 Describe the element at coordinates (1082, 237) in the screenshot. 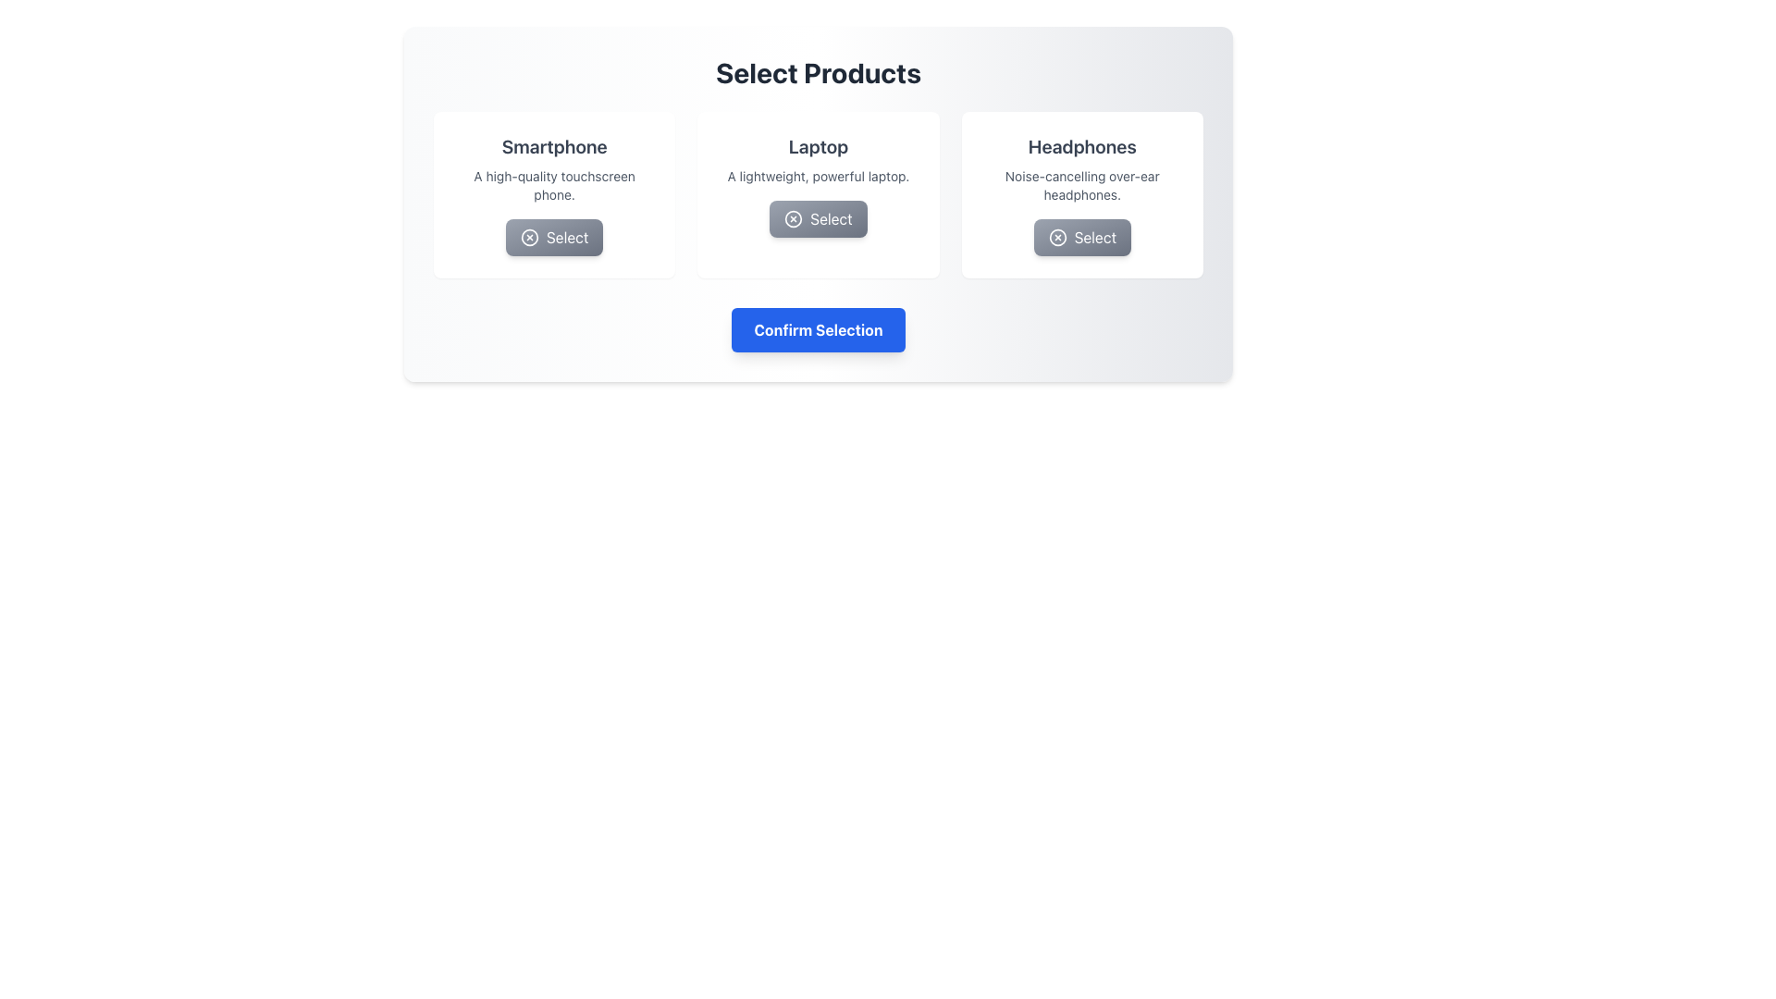

I see `the 'Headphones' selection button located centrally in the third product card under the 'Select Products' header` at that location.